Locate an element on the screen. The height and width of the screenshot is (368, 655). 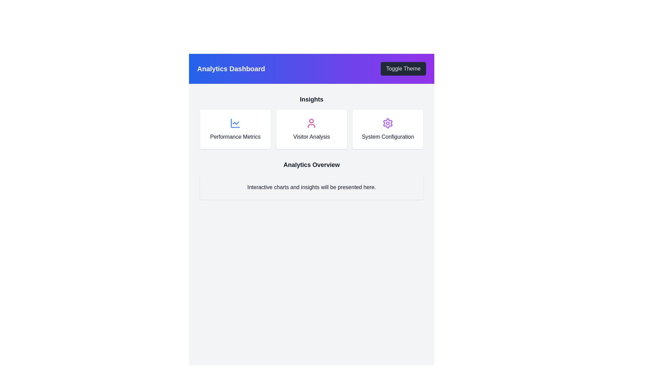
the 'Performance Metrics' graphical feature within the SVG icon located in the Insights section to navigate or activate its functionality is located at coordinates (236, 123).